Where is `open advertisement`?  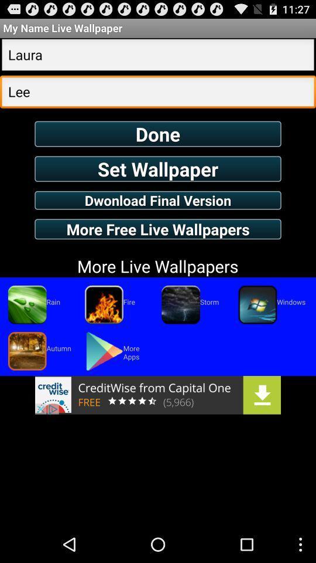
open advertisement is located at coordinates (158, 395).